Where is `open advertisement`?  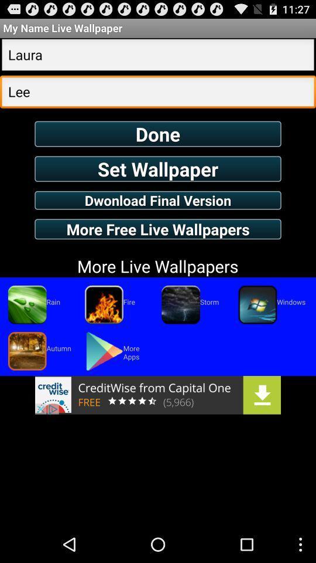
open advertisement is located at coordinates (158, 395).